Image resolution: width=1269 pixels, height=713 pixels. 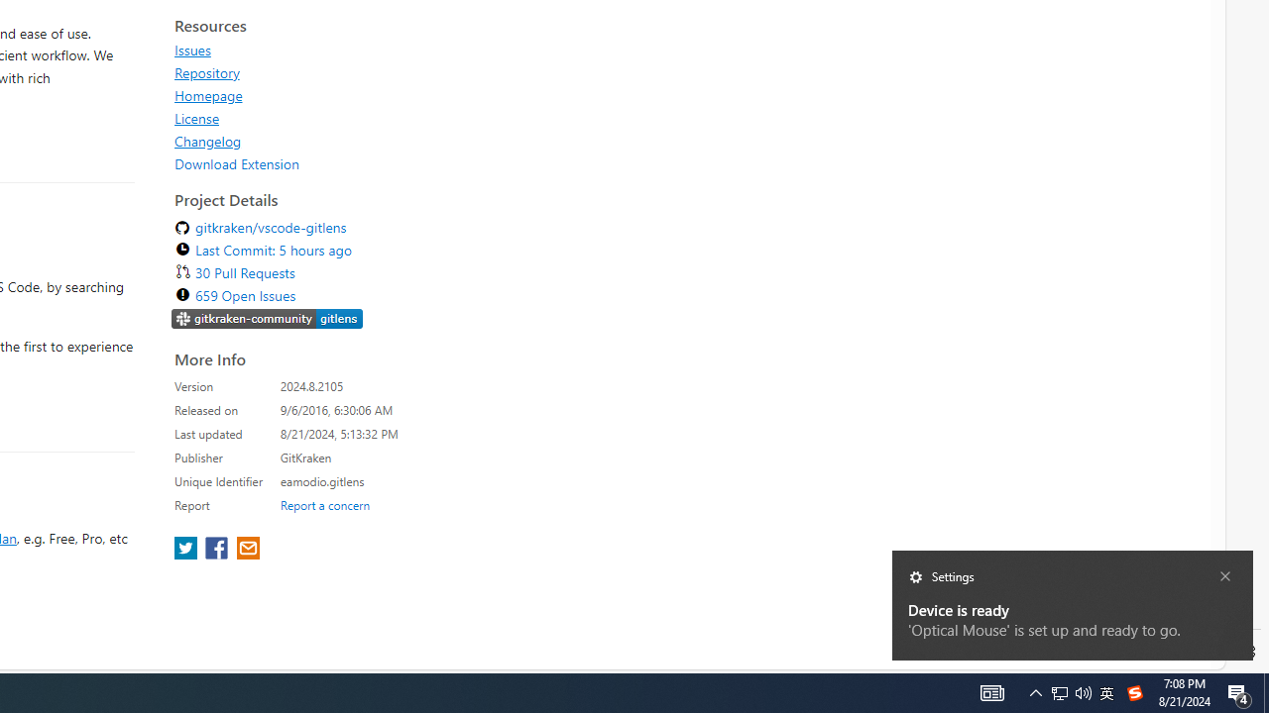 What do you see at coordinates (267, 317) in the screenshot?
I see `'https://slack.gitkraken.com//'` at bounding box center [267, 317].